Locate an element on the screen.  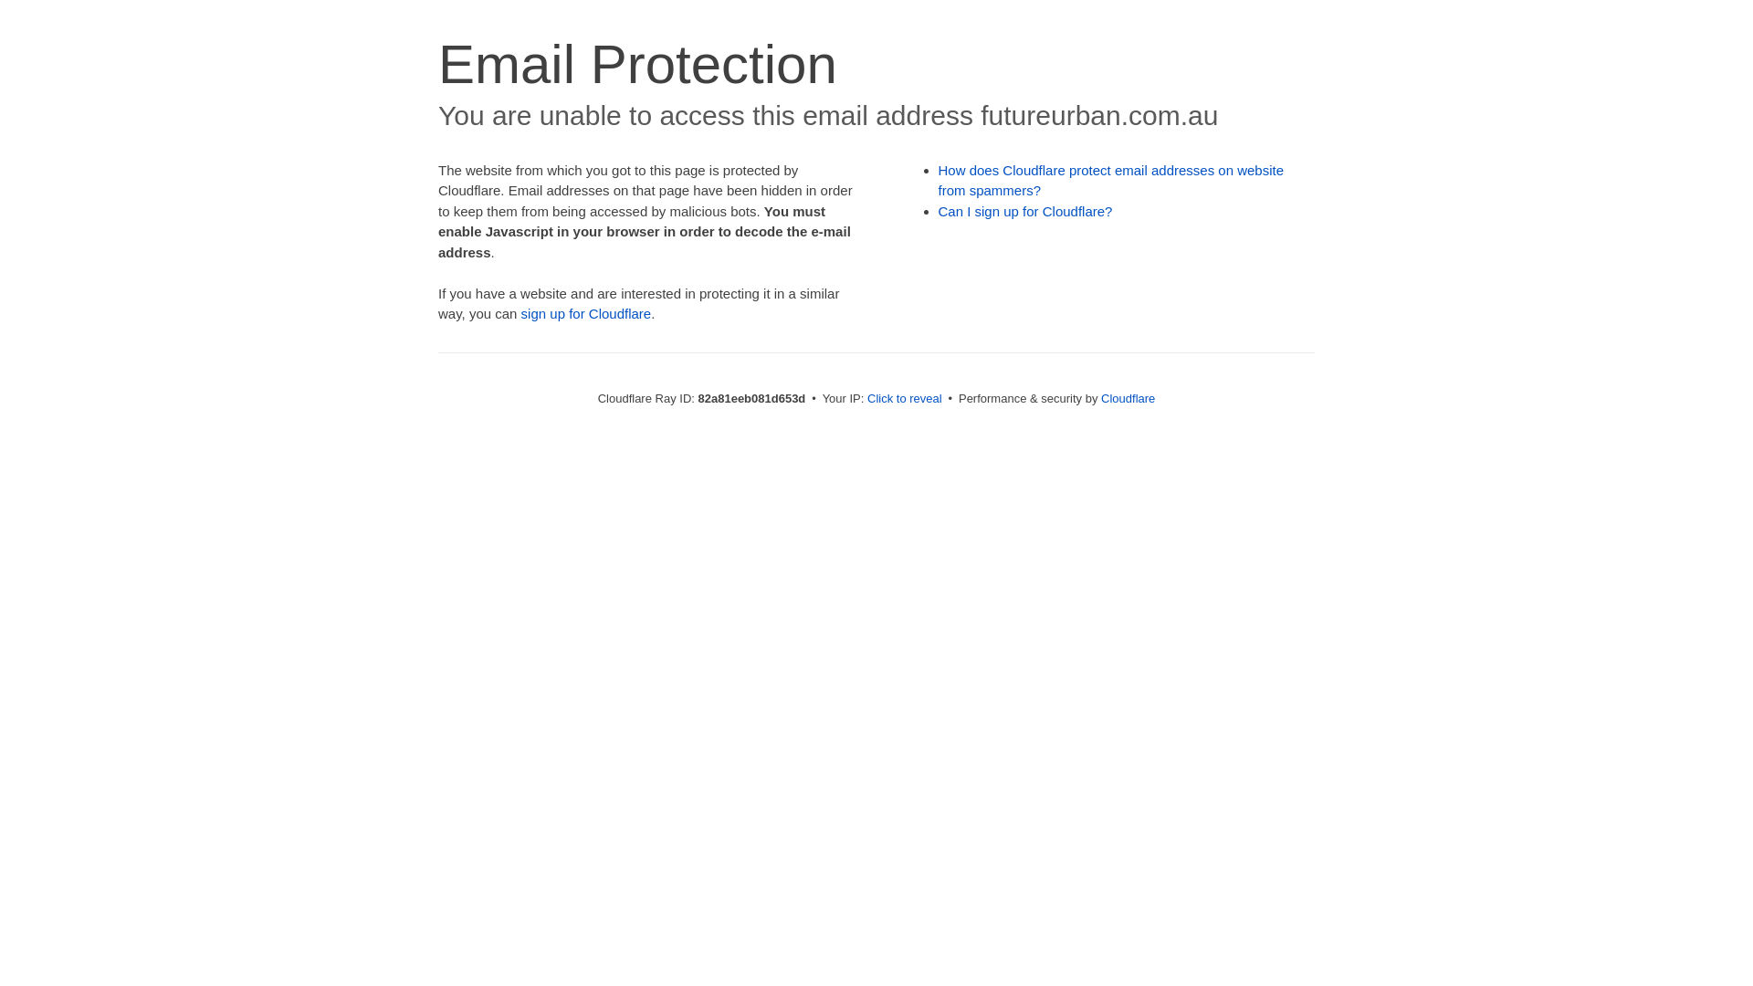
'Cloudflare' is located at coordinates (1127, 397).